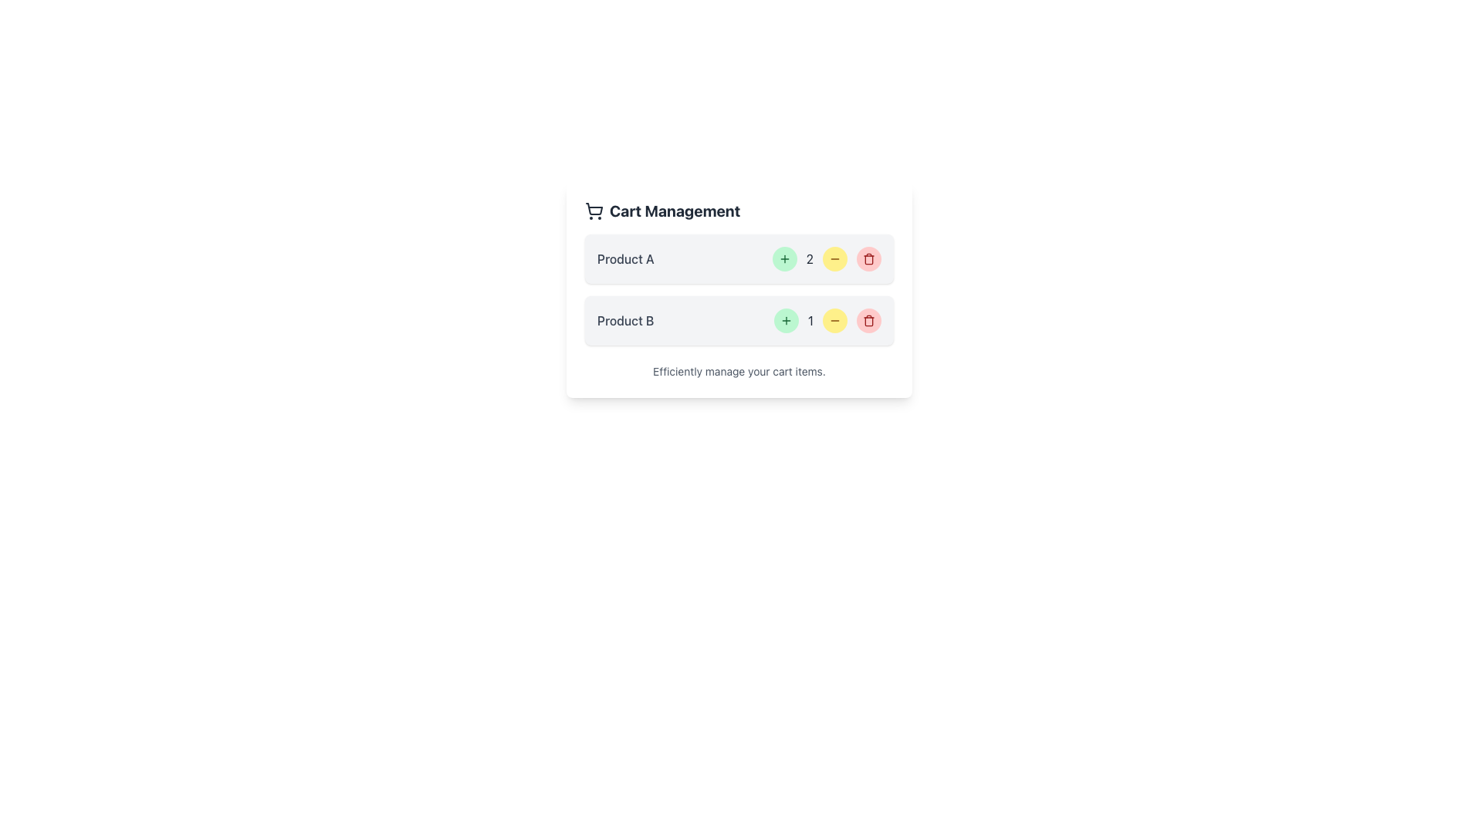 This screenshot has height=833, width=1482. I want to click on the delete button for 'Product B' to change its background color, which is located to the right of the yellow decrement button in the shopping cart management area, so click(869, 320).